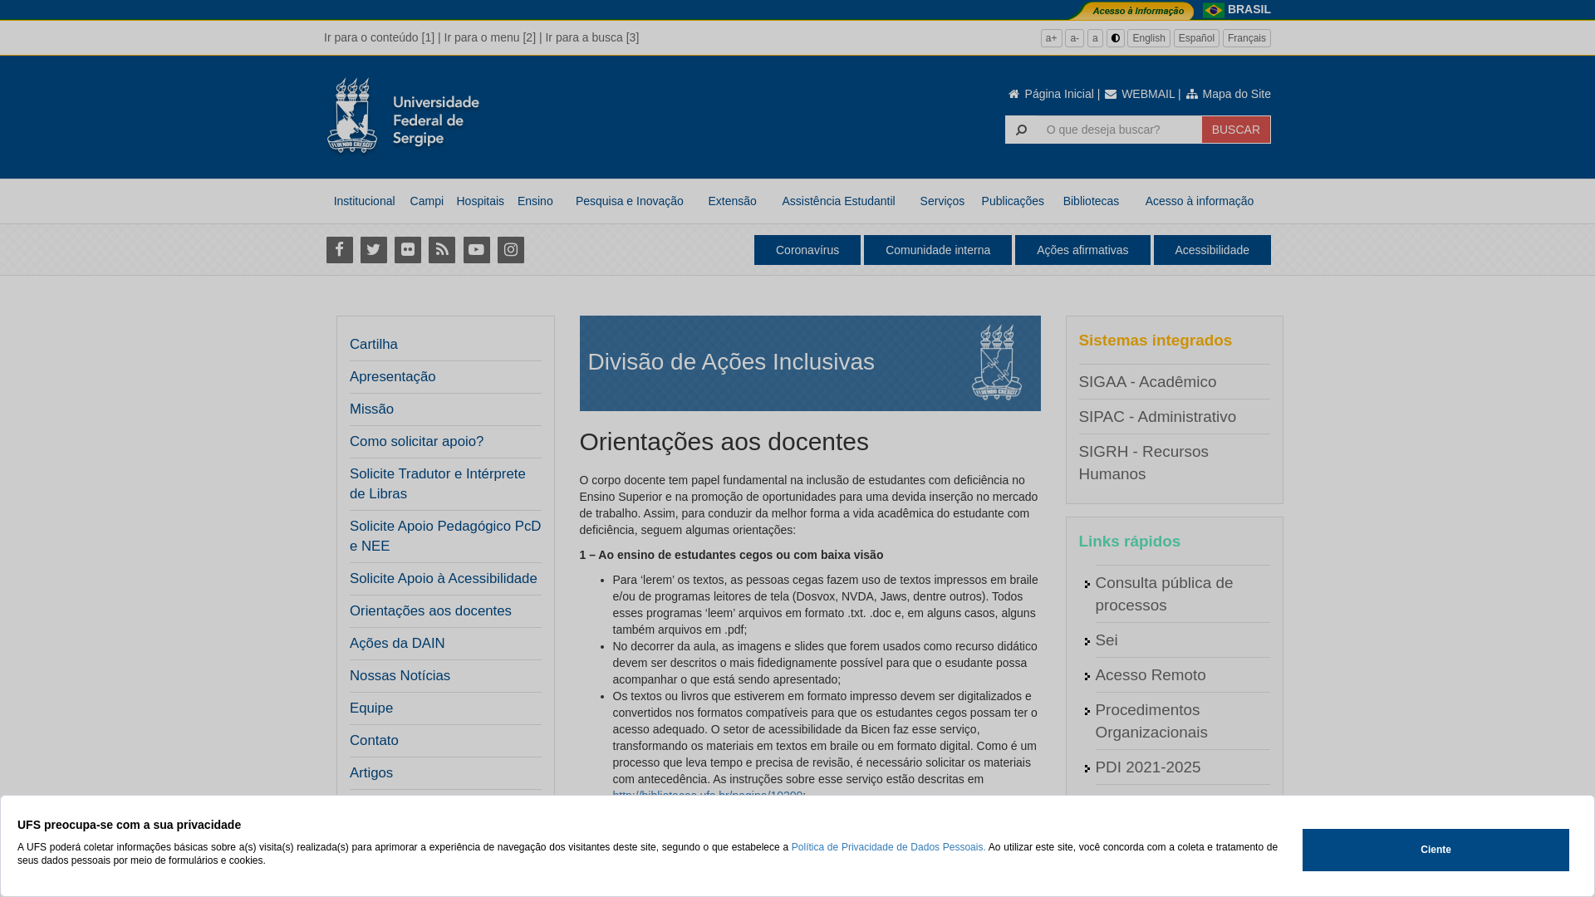 The image size is (1595, 897). I want to click on 'Mapa do Site', so click(1228, 93).